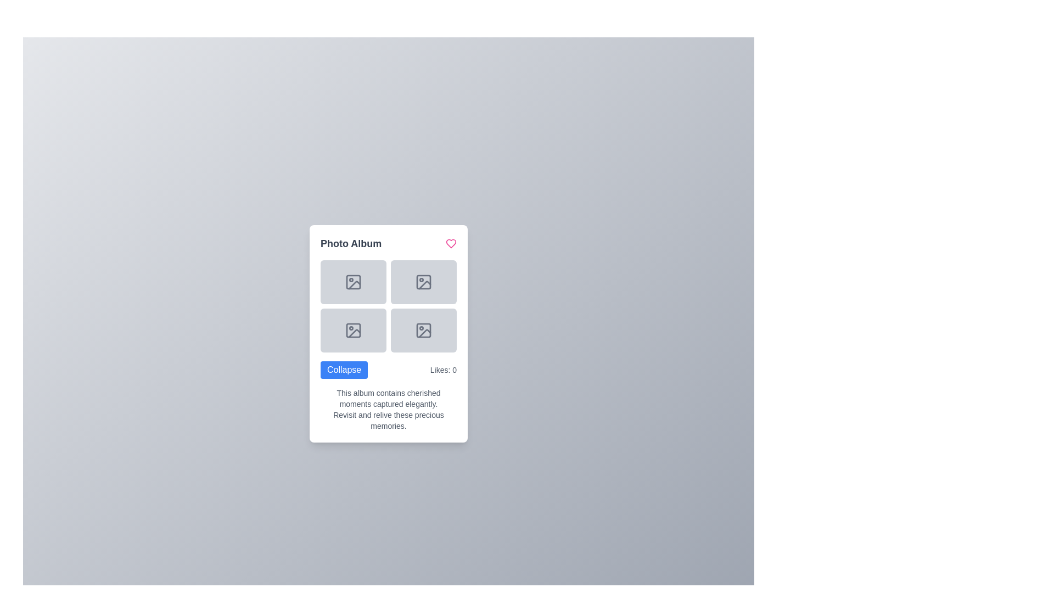  I want to click on the bottom-left image placeholder in the 'Photo Album' card, so click(389, 333).